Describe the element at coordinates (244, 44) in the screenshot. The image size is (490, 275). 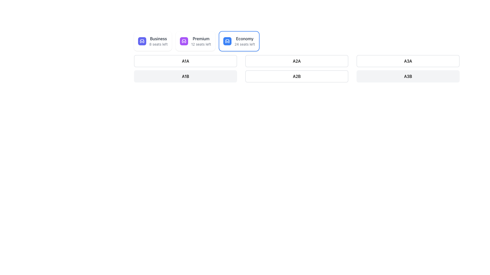
I see `the Text Label that indicates availability with the text '24 seats left' displayed in a smaller gray font, located below the 'Economy' label` at that location.